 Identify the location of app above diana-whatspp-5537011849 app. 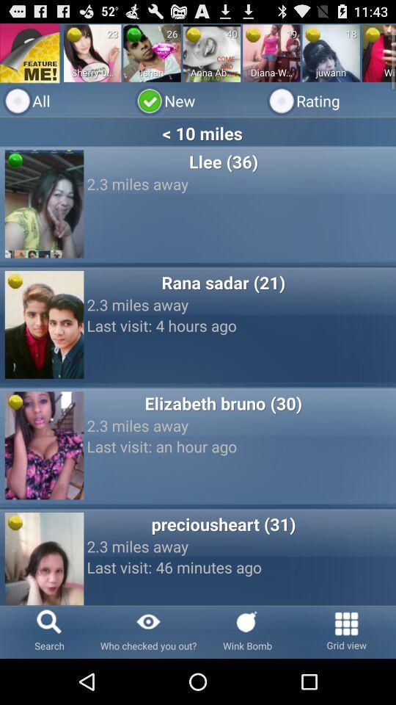
(252, 34).